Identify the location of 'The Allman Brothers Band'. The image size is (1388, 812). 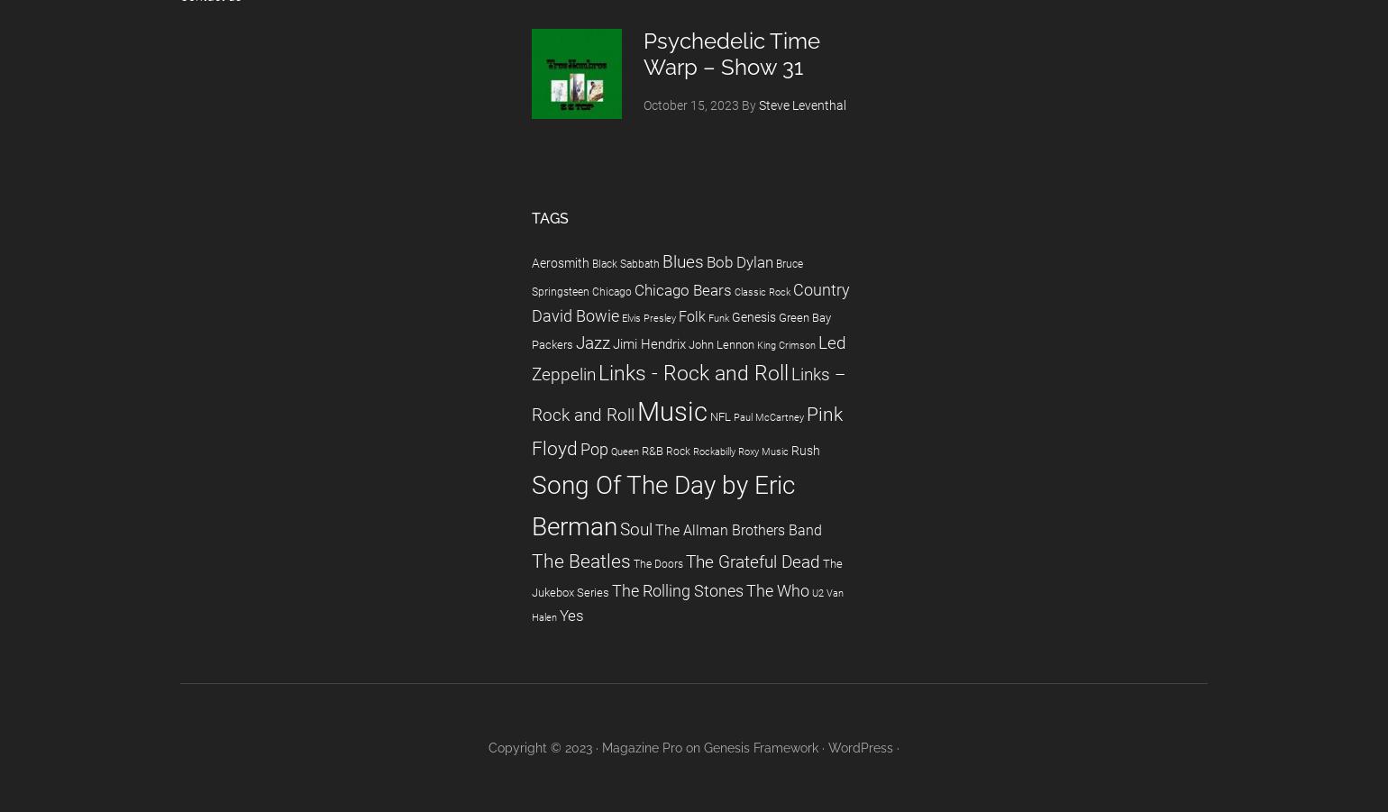
(738, 528).